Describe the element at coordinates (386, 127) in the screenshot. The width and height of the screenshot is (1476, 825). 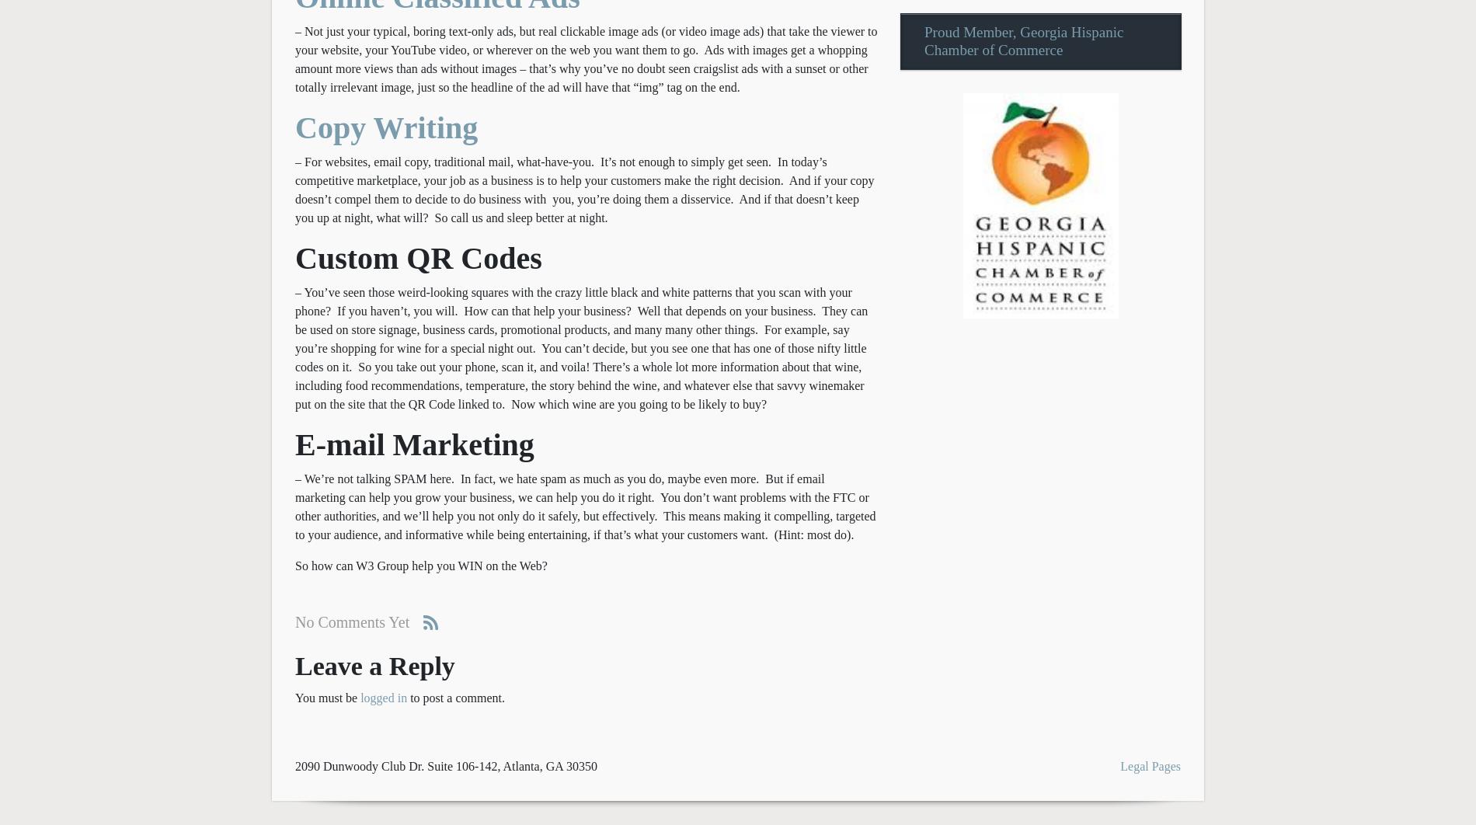
I see `'Copy Writing'` at that location.